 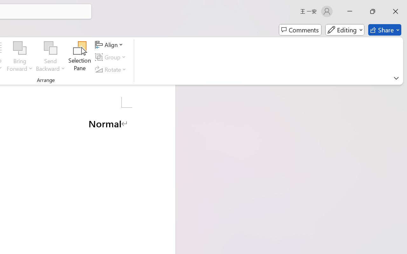 What do you see at coordinates (20, 48) in the screenshot?
I see `'Bring Forward'` at bounding box center [20, 48].